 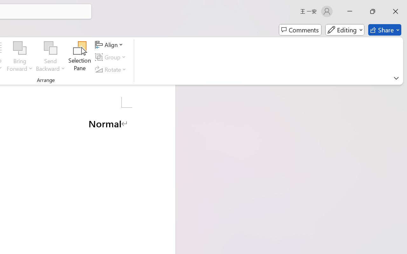 What do you see at coordinates (20, 48) in the screenshot?
I see `'Bring Forward'` at bounding box center [20, 48].